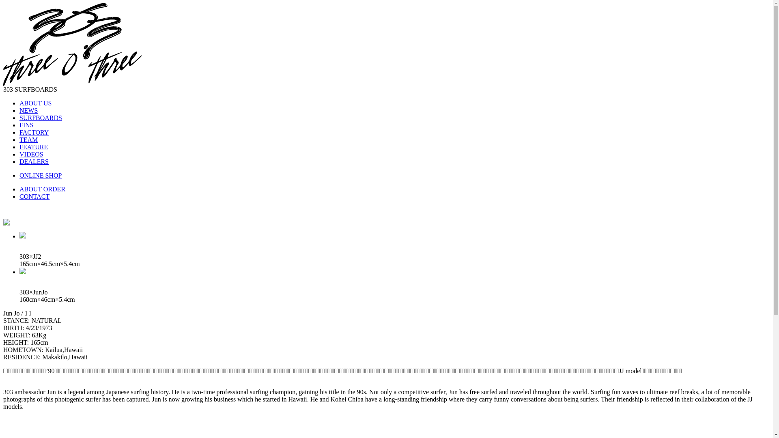  Describe the element at coordinates (19, 147) in the screenshot. I see `'FEATURE'` at that location.